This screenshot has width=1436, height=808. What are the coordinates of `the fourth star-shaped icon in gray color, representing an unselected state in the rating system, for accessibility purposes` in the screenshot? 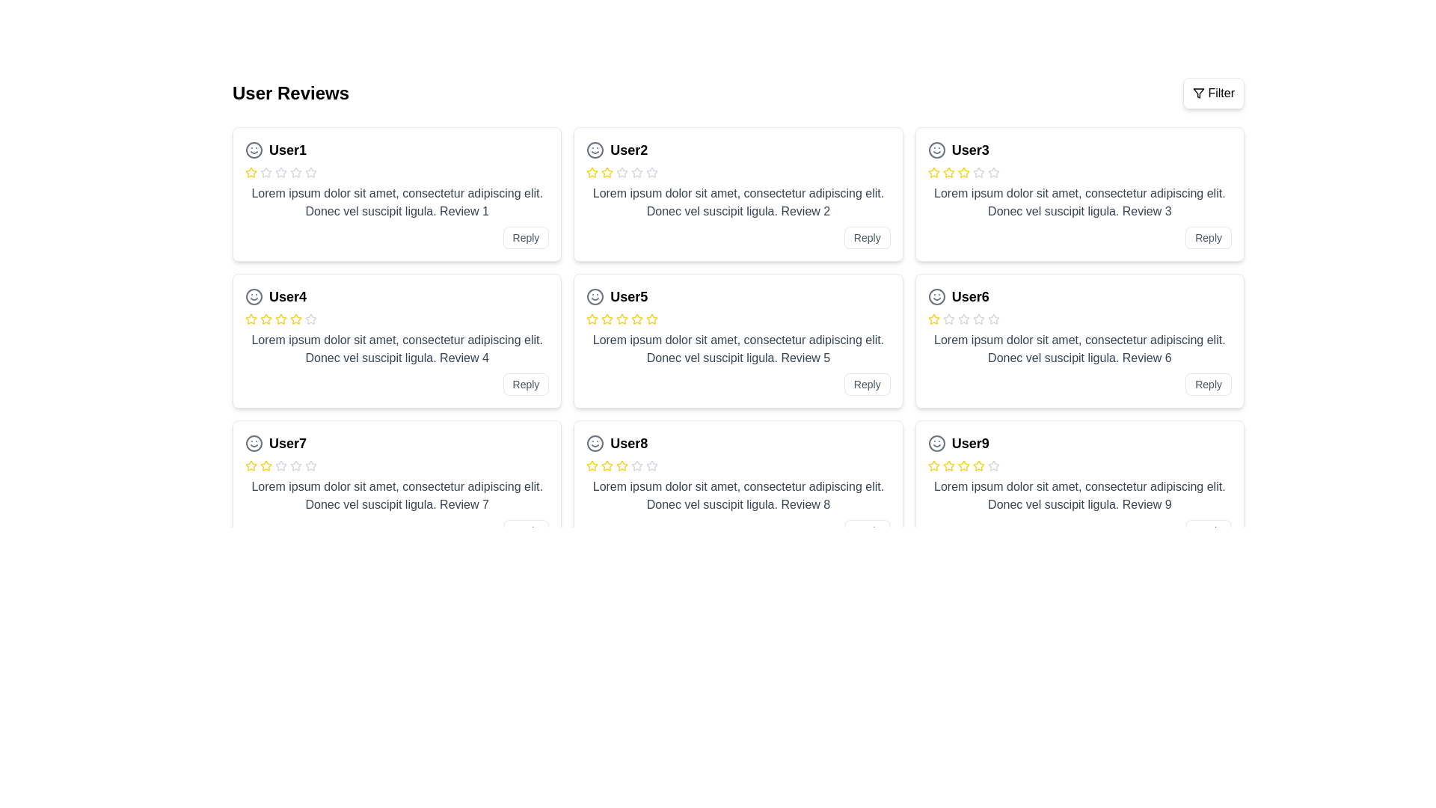 It's located at (622, 172).